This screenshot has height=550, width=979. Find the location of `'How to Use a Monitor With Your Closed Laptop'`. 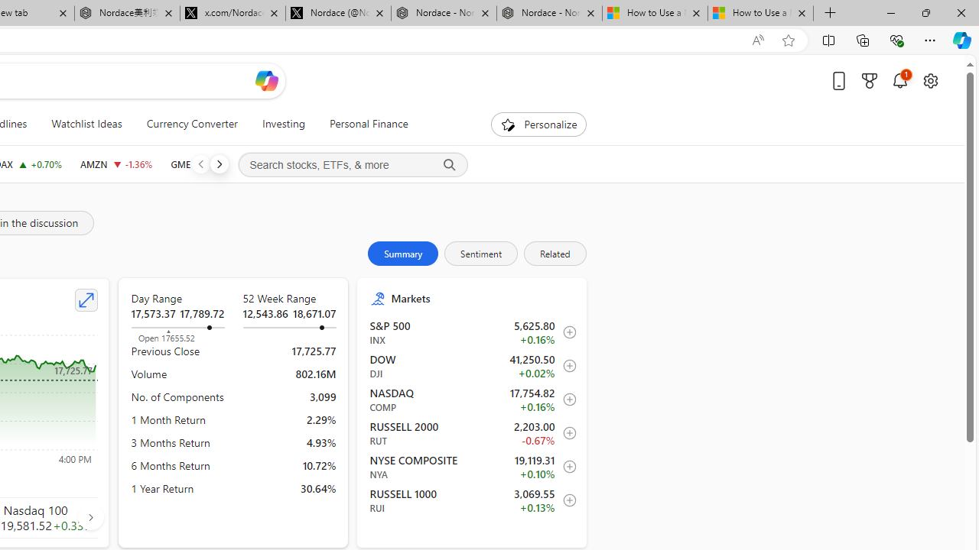

'How to Use a Monitor With Your Closed Laptop' is located at coordinates (760, 13).